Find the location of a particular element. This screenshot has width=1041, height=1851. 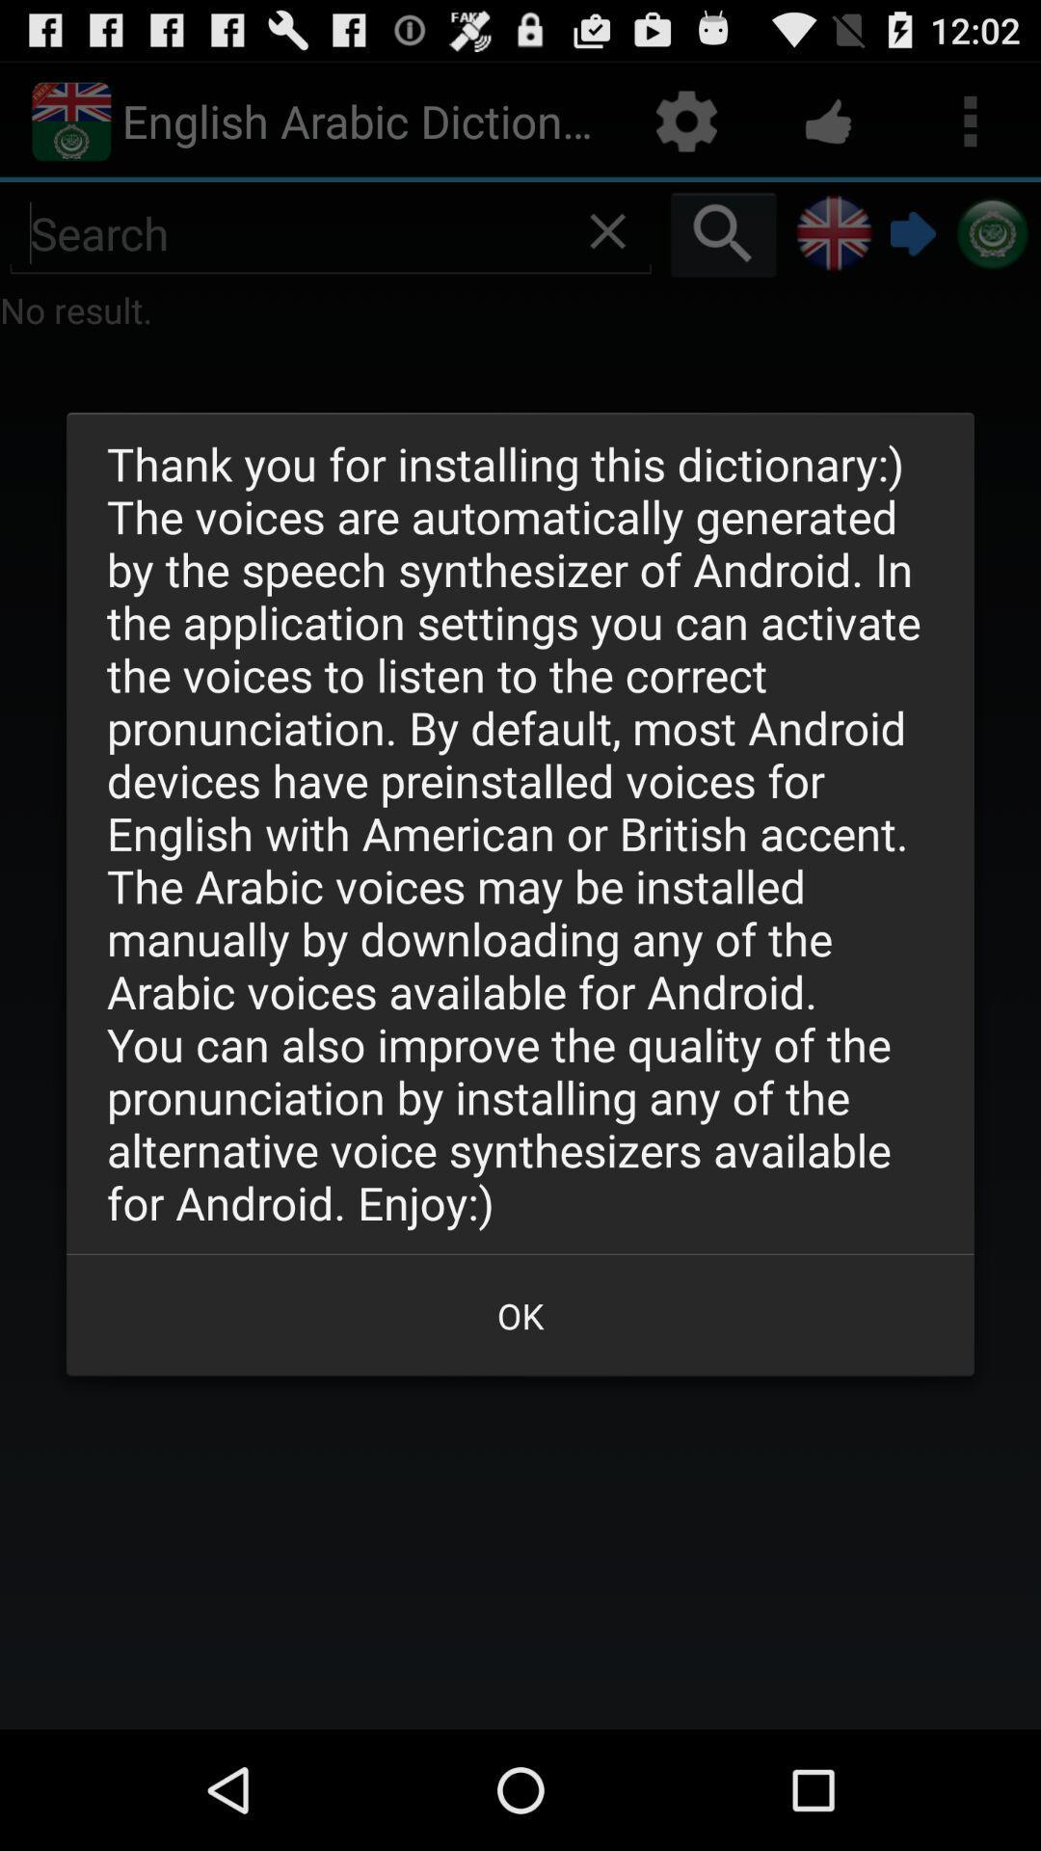

the button at the bottom is located at coordinates (520, 1314).